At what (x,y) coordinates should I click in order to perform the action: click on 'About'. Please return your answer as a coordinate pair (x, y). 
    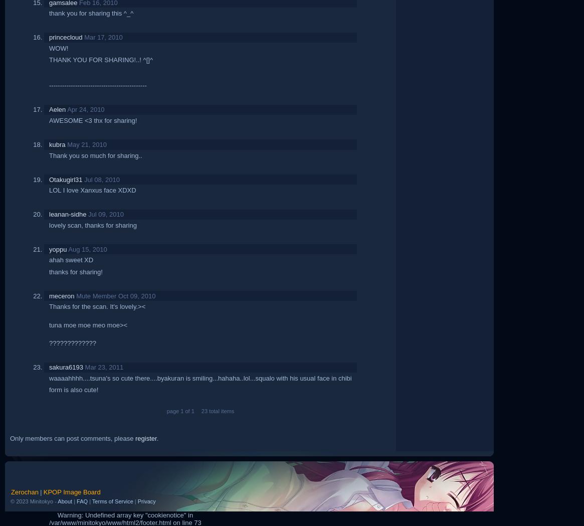
    Looking at the image, I should click on (65, 500).